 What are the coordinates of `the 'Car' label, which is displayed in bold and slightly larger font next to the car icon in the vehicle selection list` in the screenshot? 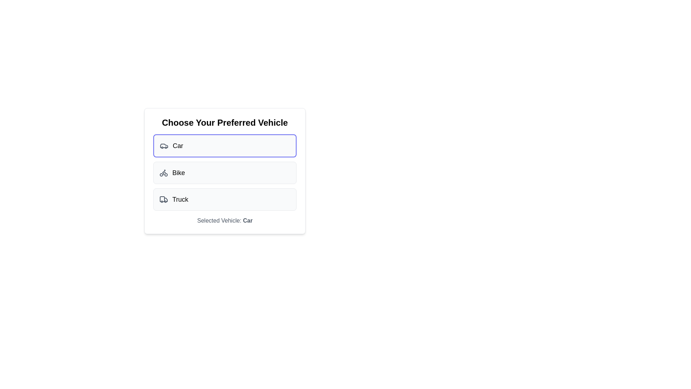 It's located at (178, 146).